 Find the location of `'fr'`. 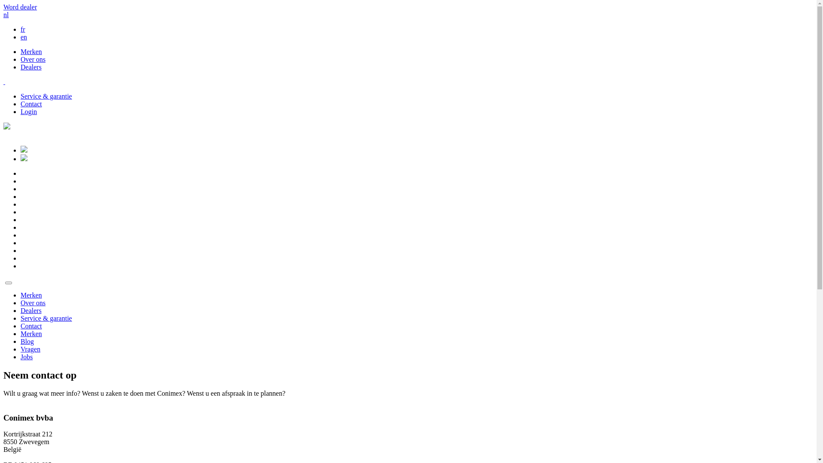

'fr' is located at coordinates (23, 29).